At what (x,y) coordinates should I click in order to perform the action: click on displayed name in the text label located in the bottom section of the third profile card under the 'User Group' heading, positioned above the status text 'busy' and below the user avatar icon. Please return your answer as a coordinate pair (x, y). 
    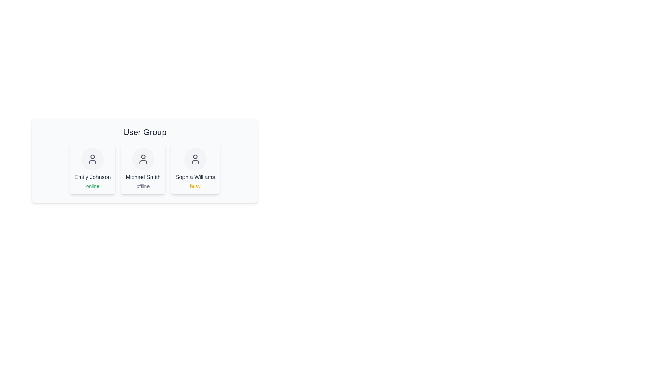
    Looking at the image, I should click on (195, 177).